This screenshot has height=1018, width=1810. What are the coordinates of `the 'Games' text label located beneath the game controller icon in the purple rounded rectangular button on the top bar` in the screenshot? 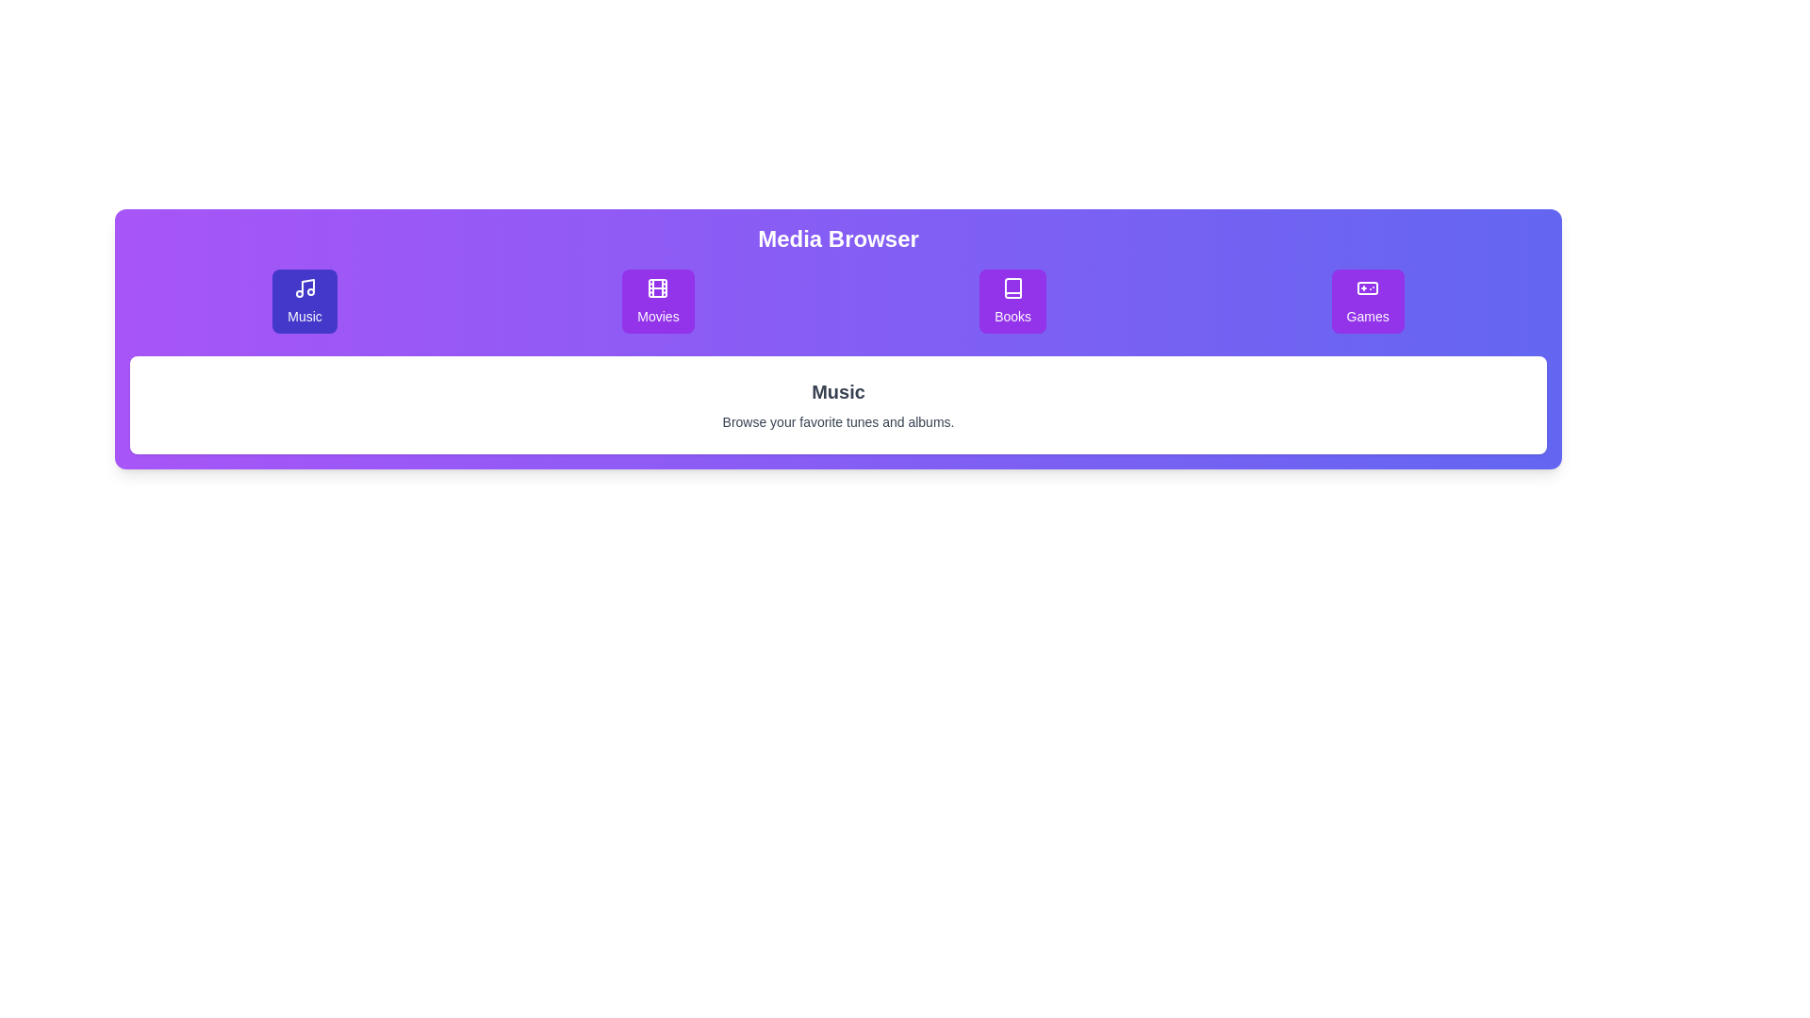 It's located at (1368, 315).